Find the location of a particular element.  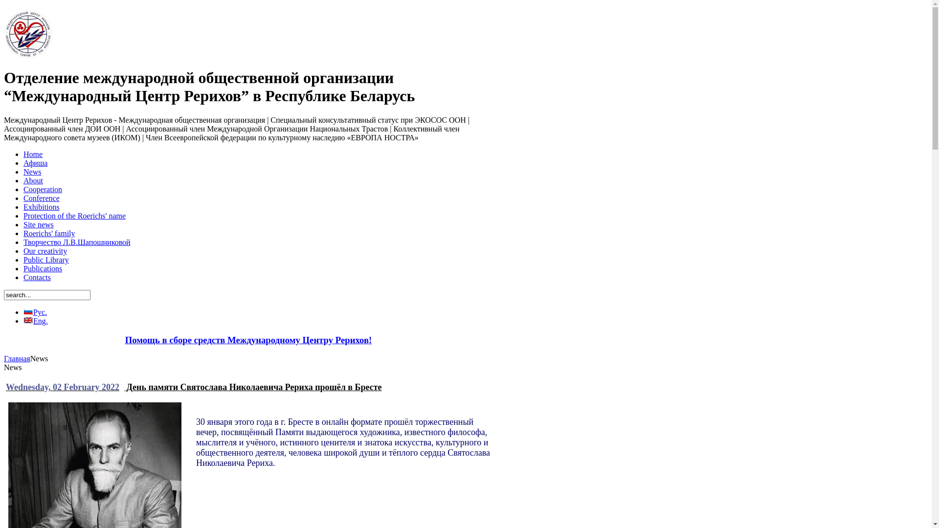

'Public Library' is located at coordinates (23, 259).